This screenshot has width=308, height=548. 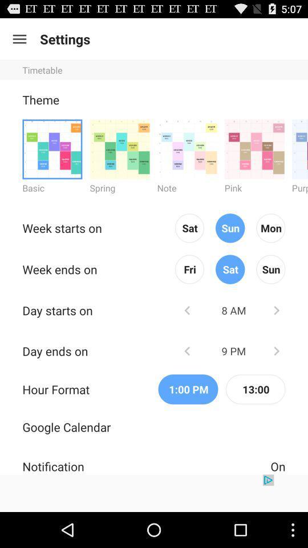 What do you see at coordinates (187, 350) in the screenshot?
I see `previous icon` at bounding box center [187, 350].